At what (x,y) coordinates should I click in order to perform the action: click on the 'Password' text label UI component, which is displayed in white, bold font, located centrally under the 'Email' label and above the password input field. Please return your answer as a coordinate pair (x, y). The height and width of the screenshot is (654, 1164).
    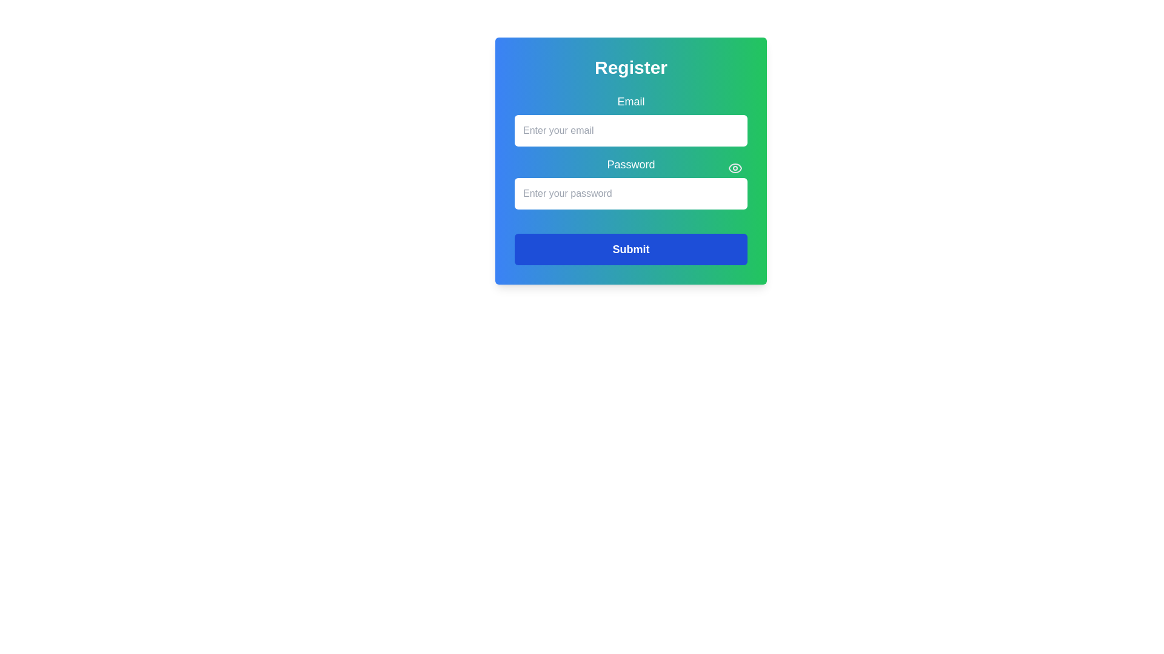
    Looking at the image, I should click on (630, 160).